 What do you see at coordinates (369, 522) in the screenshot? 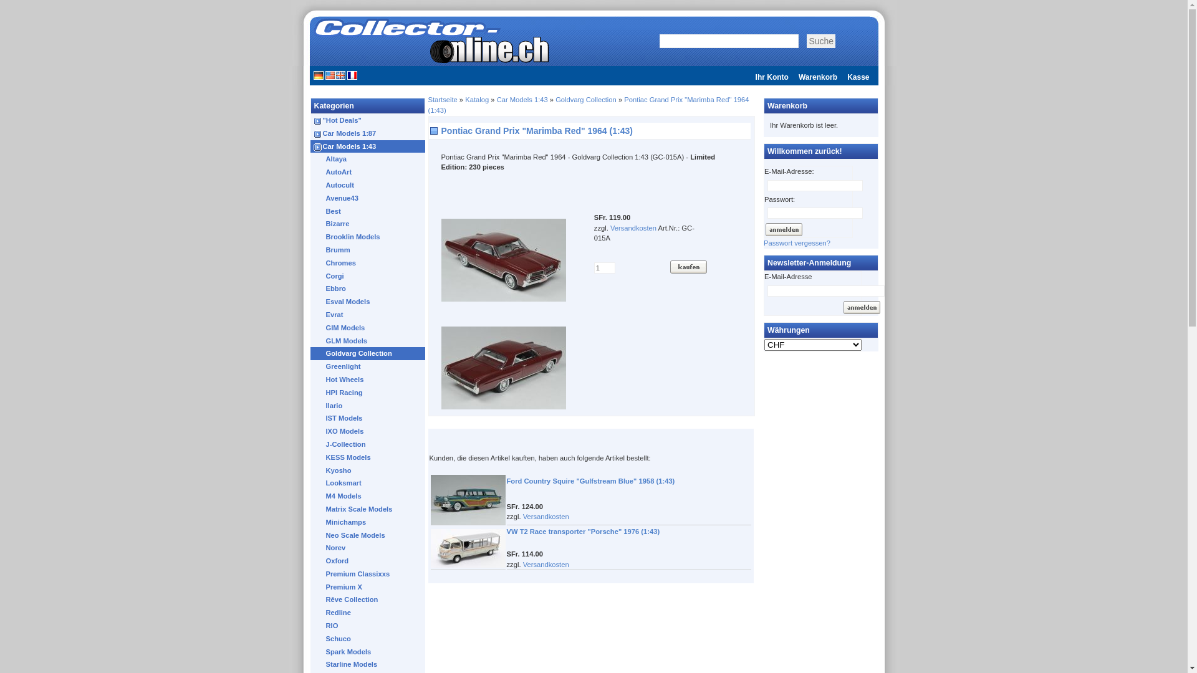
I see `'Minichamps'` at bounding box center [369, 522].